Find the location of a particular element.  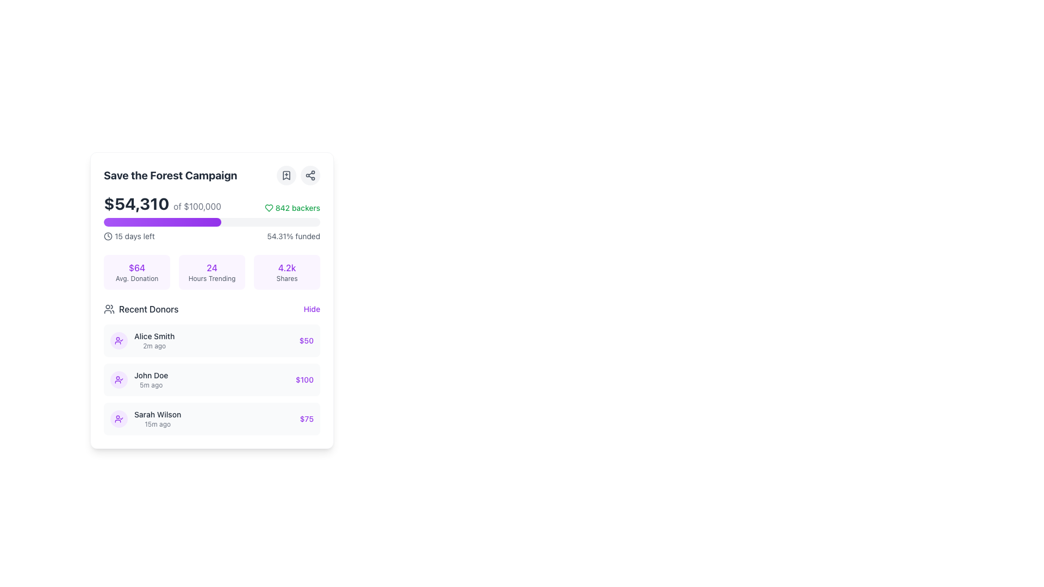

the 'Hide' button in the 'Recent Donors' section to change the text color is located at coordinates (311, 309).